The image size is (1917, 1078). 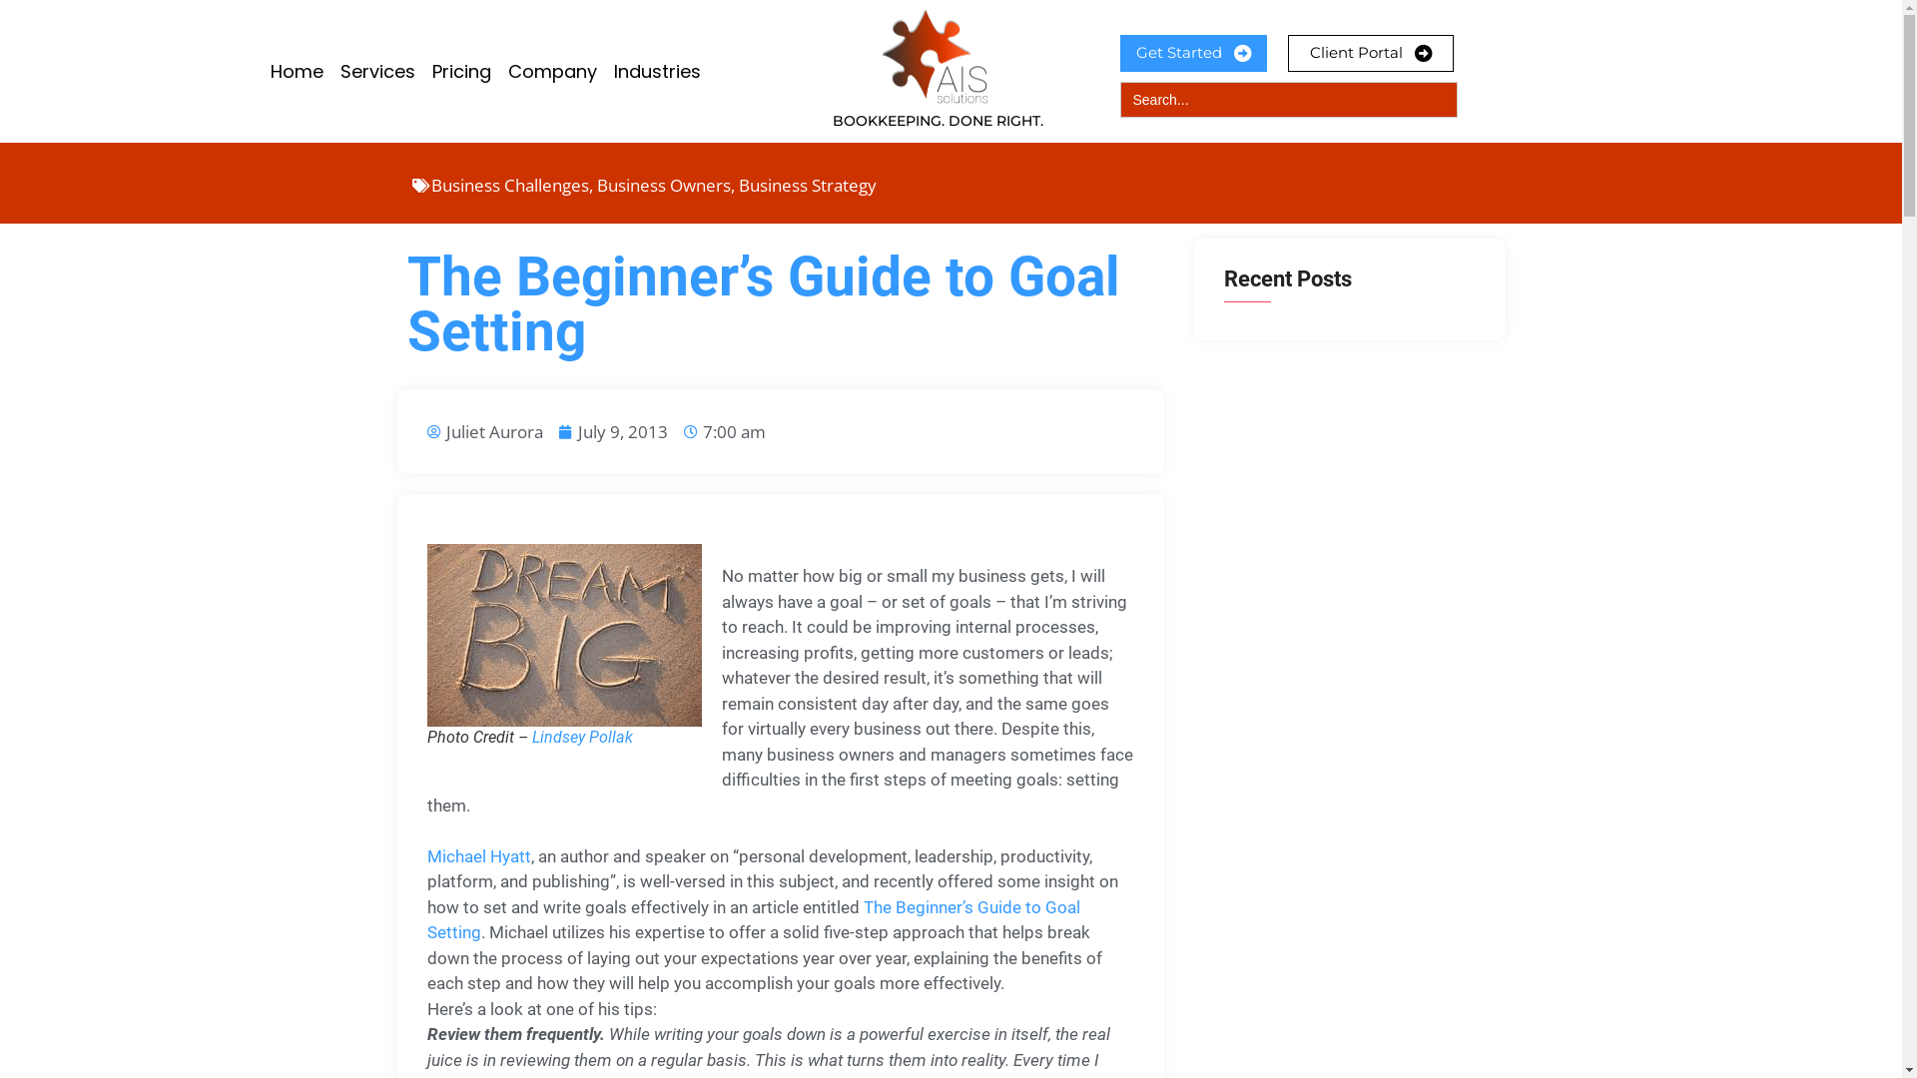 I want to click on 'Business Challenges', so click(x=509, y=185).